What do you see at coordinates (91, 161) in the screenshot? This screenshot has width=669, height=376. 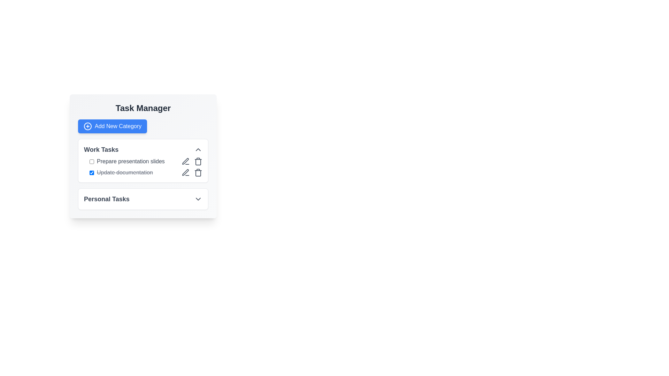 I see `the small square checkbox located to the left of the text 'Prepare presentation slides'` at bounding box center [91, 161].